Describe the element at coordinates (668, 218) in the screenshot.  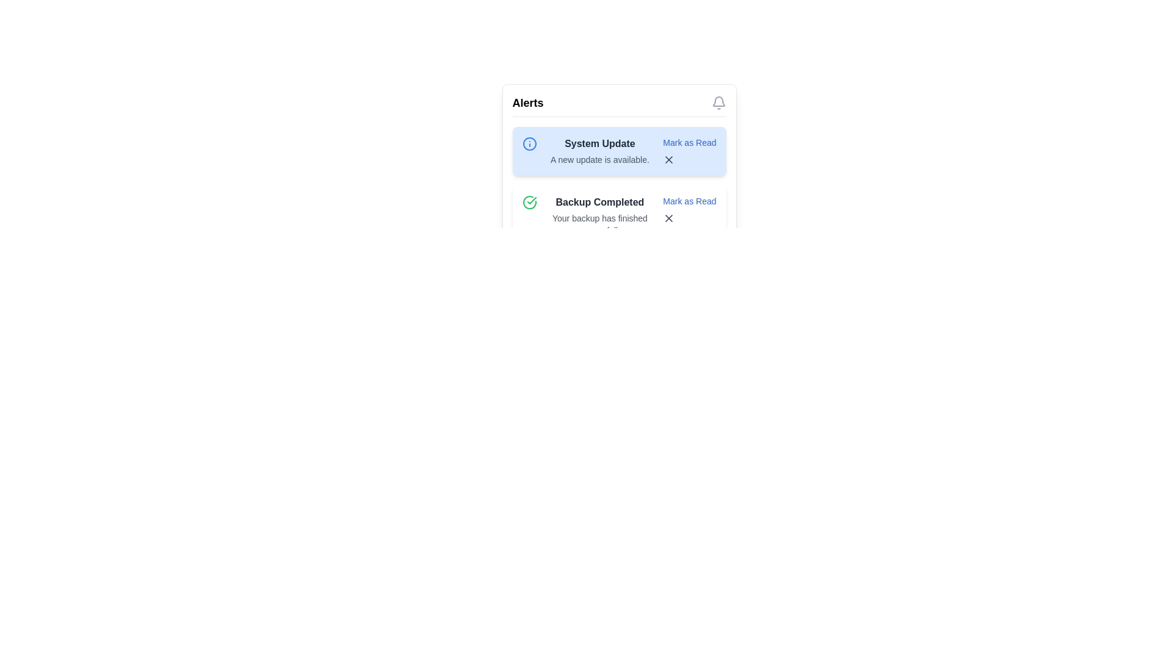
I see `the graphical line component of the close button in the top-right corner of the 'System Update' notification box` at that location.